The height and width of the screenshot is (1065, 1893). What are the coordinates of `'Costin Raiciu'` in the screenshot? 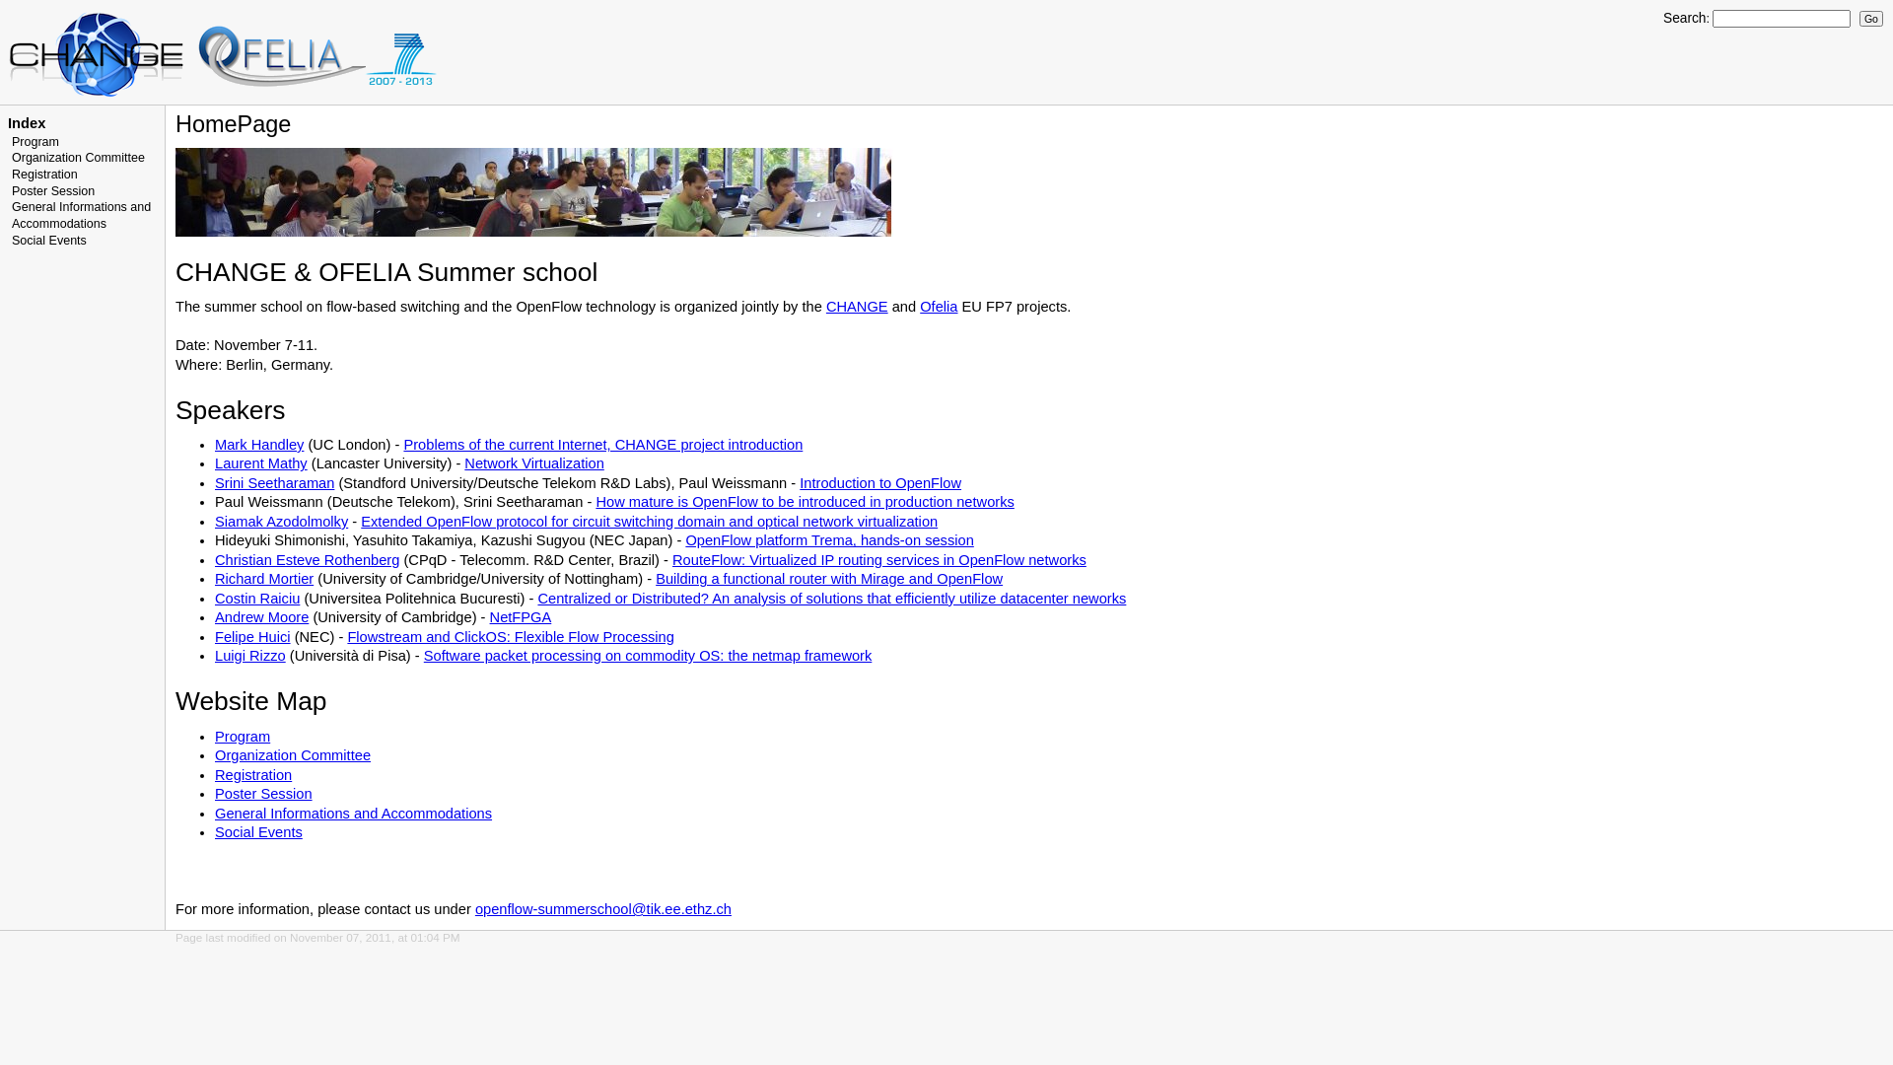 It's located at (255, 597).